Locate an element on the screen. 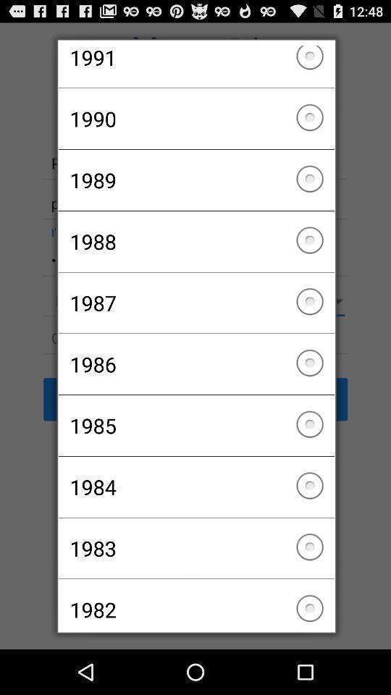  the checkbox above 1990 icon is located at coordinates (195, 67).